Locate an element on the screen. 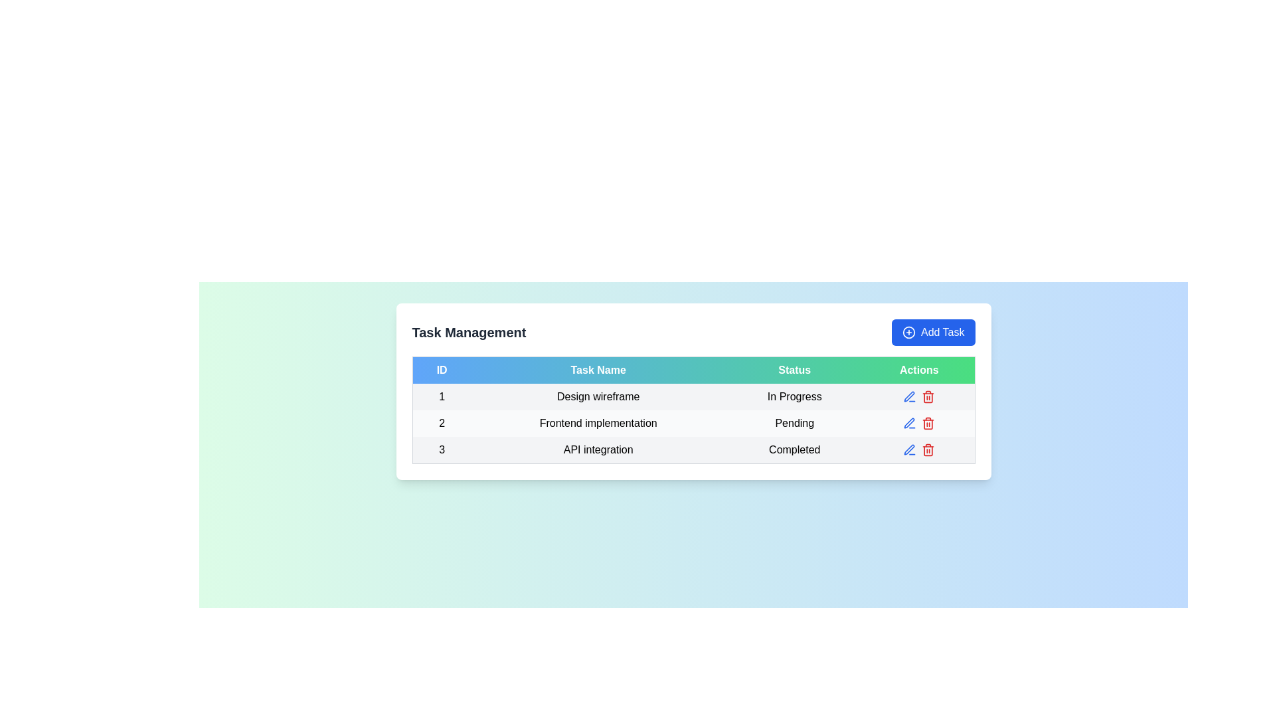 This screenshot has height=717, width=1275. text label displaying the current status, which shows 'In Progress', located in the 'Status' column of the first row of the table, positioned between the 'Design wireframe' task name and the action icons is located at coordinates (794, 396).